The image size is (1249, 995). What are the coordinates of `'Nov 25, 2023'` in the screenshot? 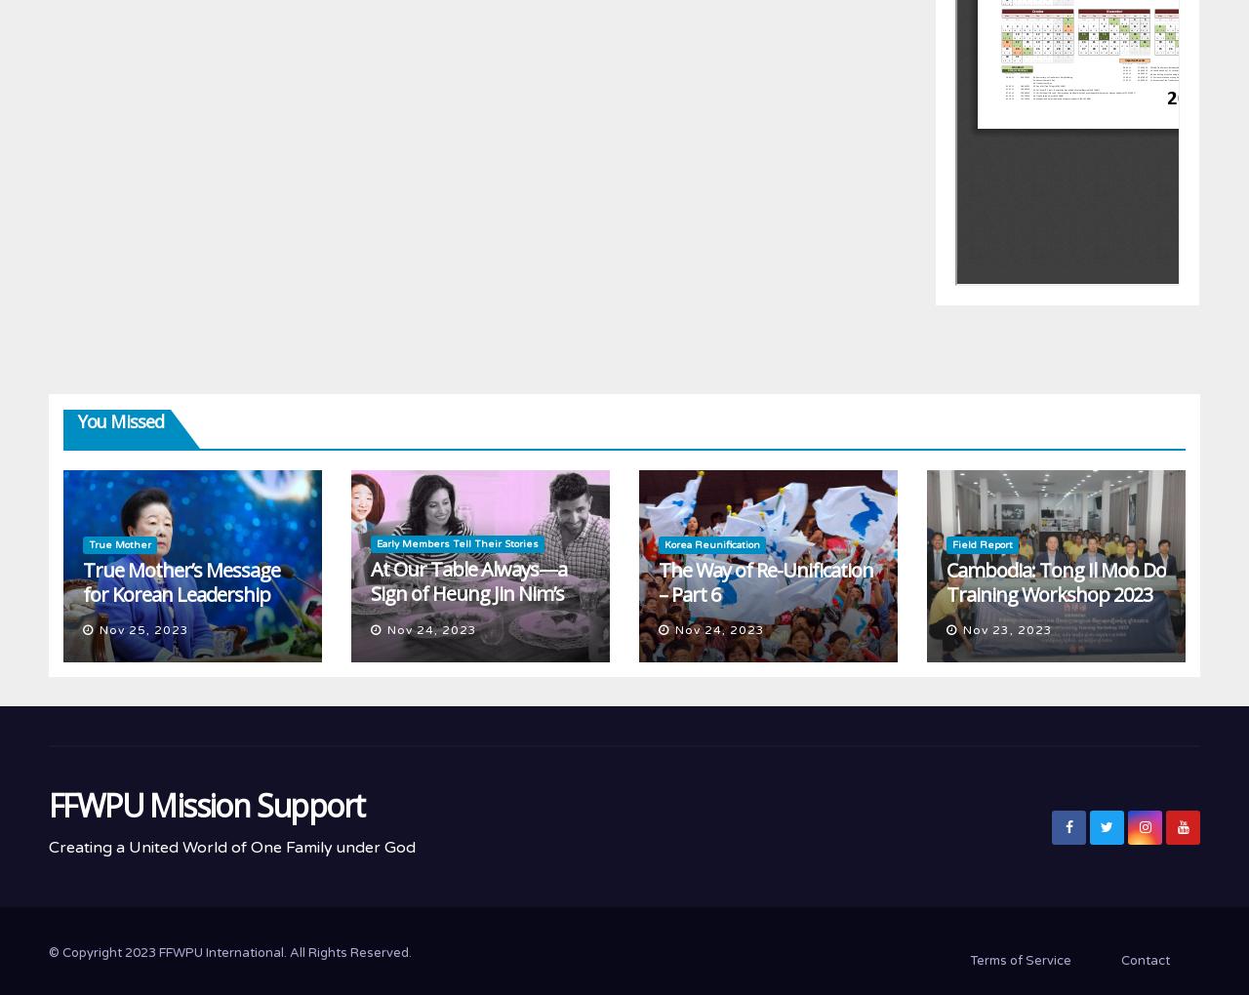 It's located at (142, 629).